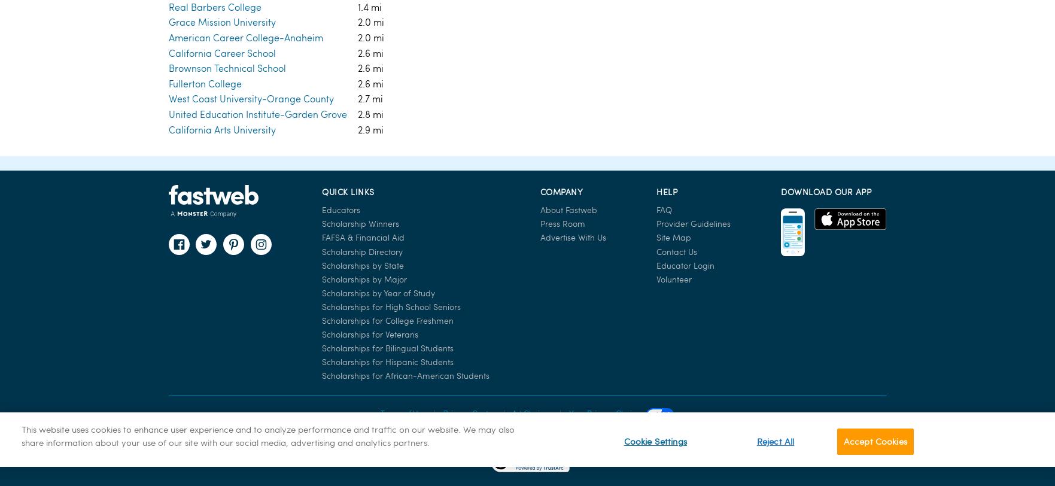  I want to click on 'Scholarships by Year of Study', so click(378, 50).